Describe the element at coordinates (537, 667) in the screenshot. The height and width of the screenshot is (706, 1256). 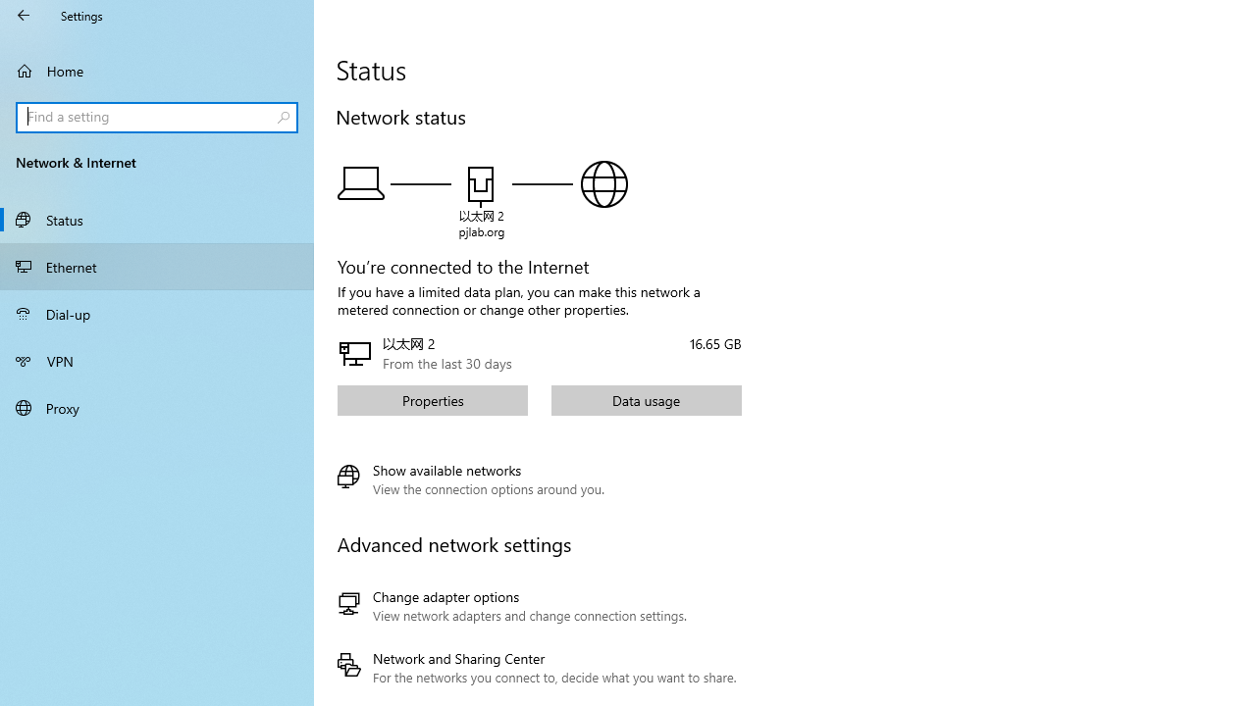
I see `'Network and Sharing Center'` at that location.